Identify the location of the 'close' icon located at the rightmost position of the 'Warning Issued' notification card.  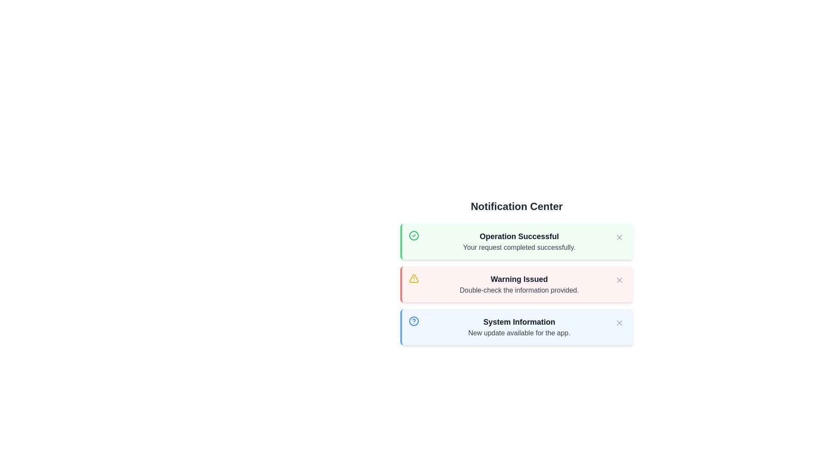
(619, 280).